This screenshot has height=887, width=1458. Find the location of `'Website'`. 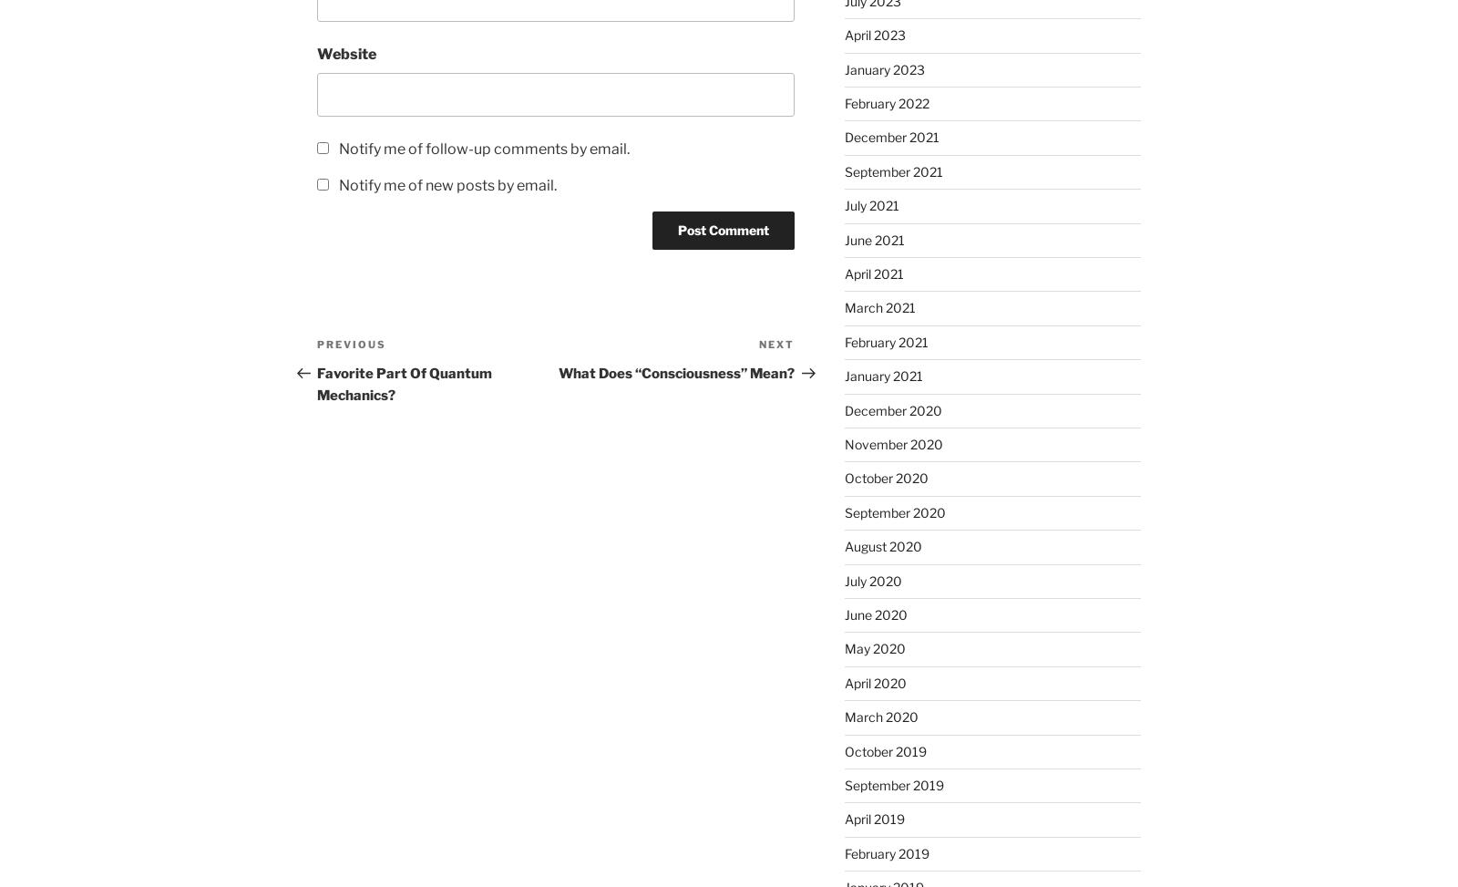

'Website' is located at coordinates (346, 54).